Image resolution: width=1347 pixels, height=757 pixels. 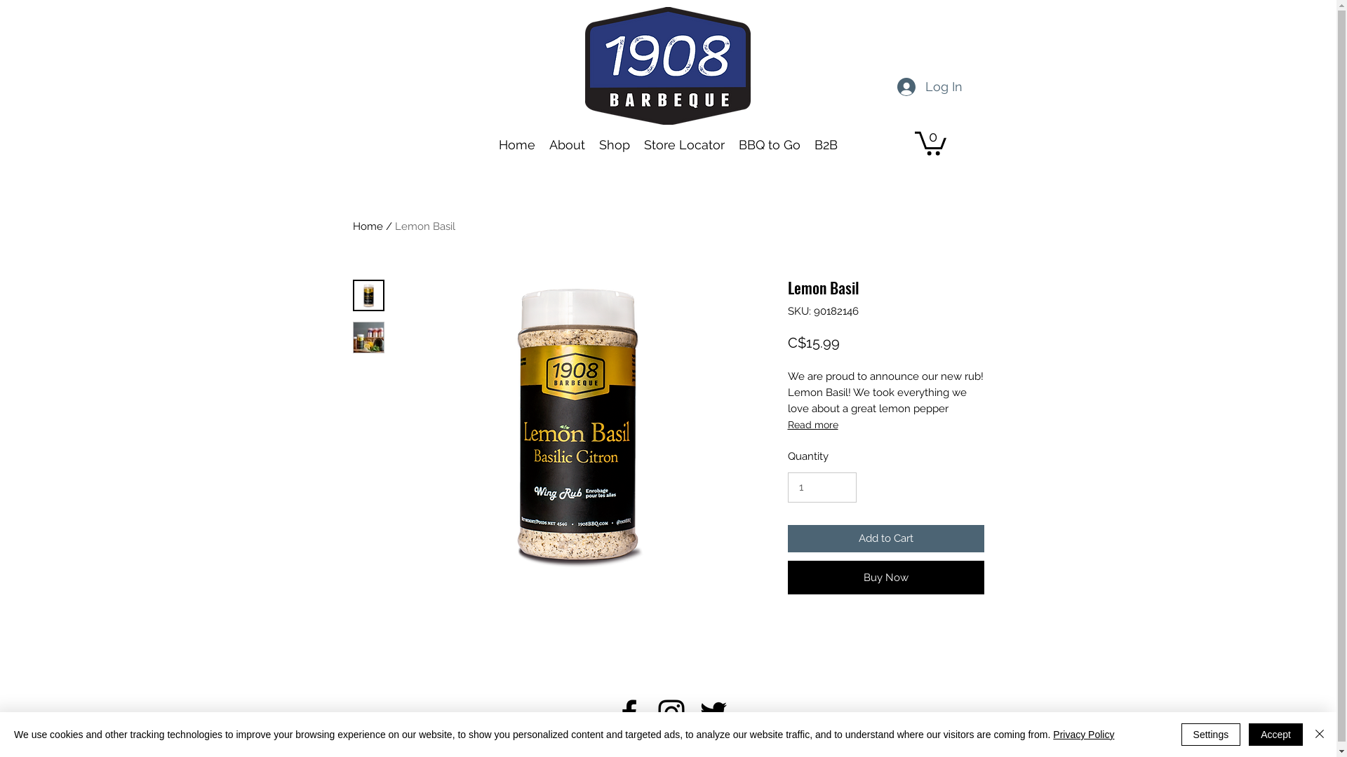 I want to click on 'Settings', so click(x=1210, y=734).